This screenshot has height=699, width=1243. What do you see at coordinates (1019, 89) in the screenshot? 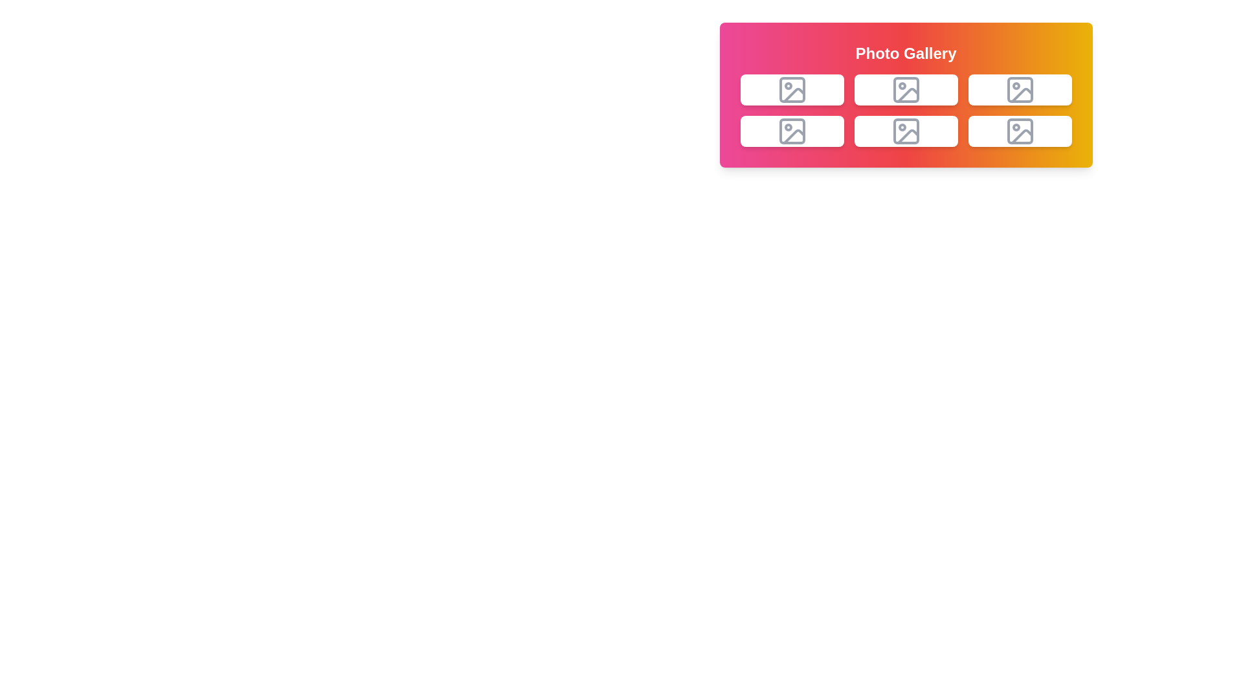
I see `the interactive tile with a white background and rounded corners located` at bounding box center [1019, 89].